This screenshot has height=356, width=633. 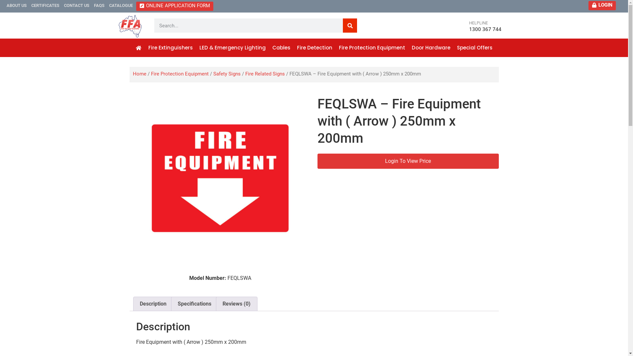 I want to click on 'ONLINE APPLICATION FORM', so click(x=174, y=6).